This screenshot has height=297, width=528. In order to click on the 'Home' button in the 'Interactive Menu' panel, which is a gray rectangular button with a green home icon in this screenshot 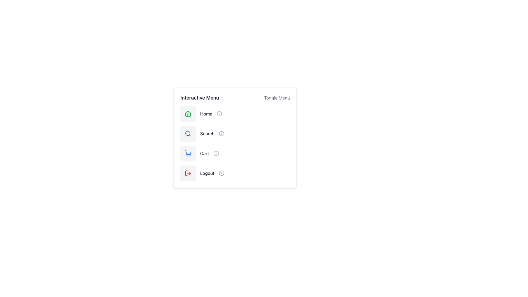, I will do `click(188, 113)`.